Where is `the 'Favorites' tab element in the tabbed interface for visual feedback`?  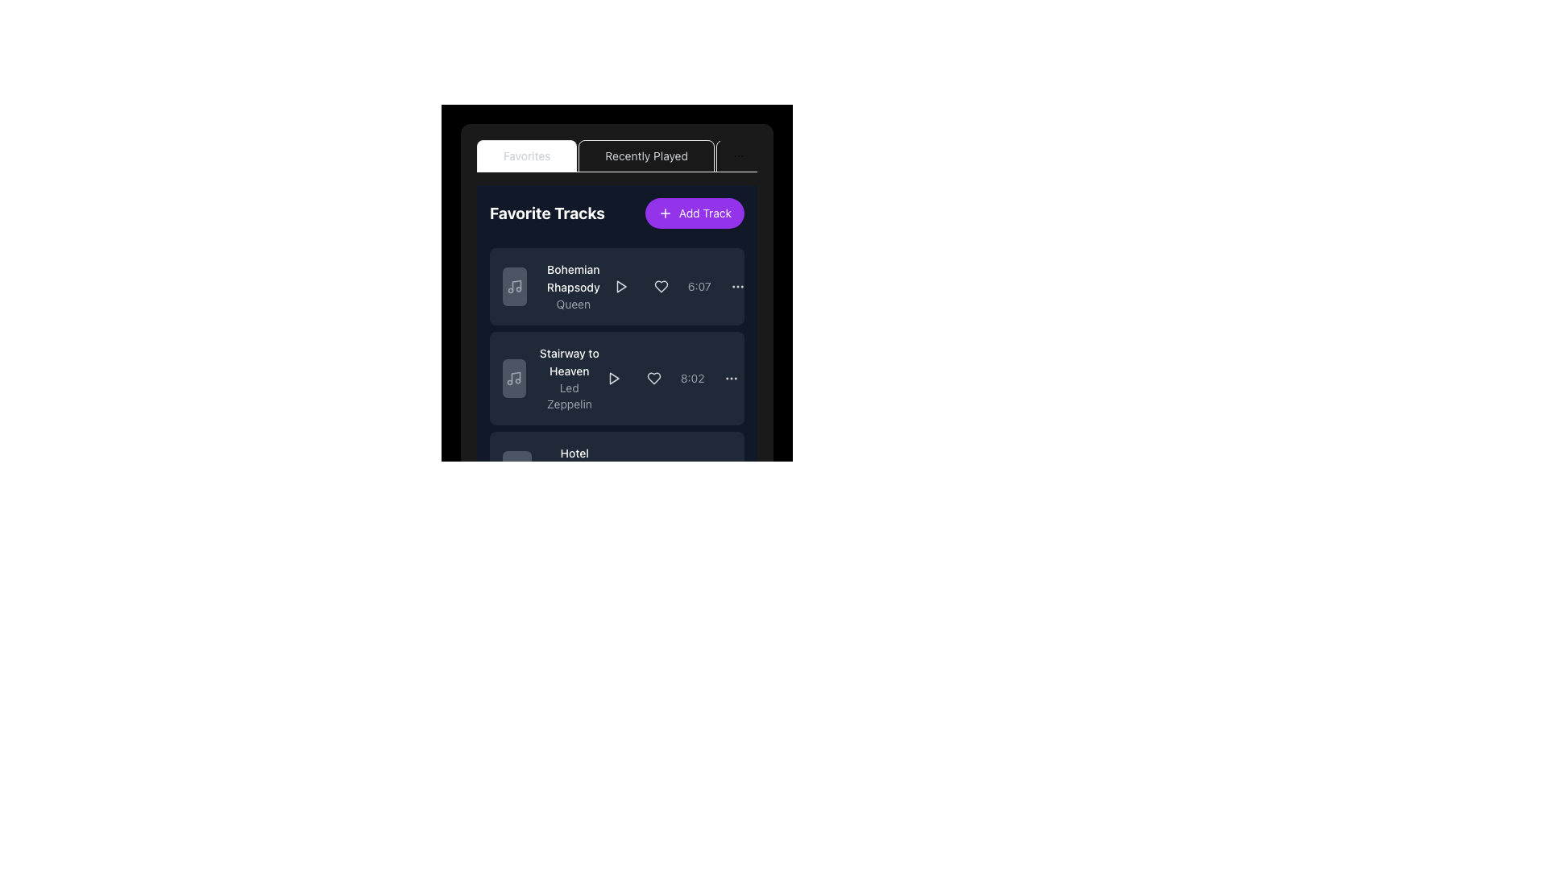 the 'Favorites' tab element in the tabbed interface for visual feedback is located at coordinates (616, 272).